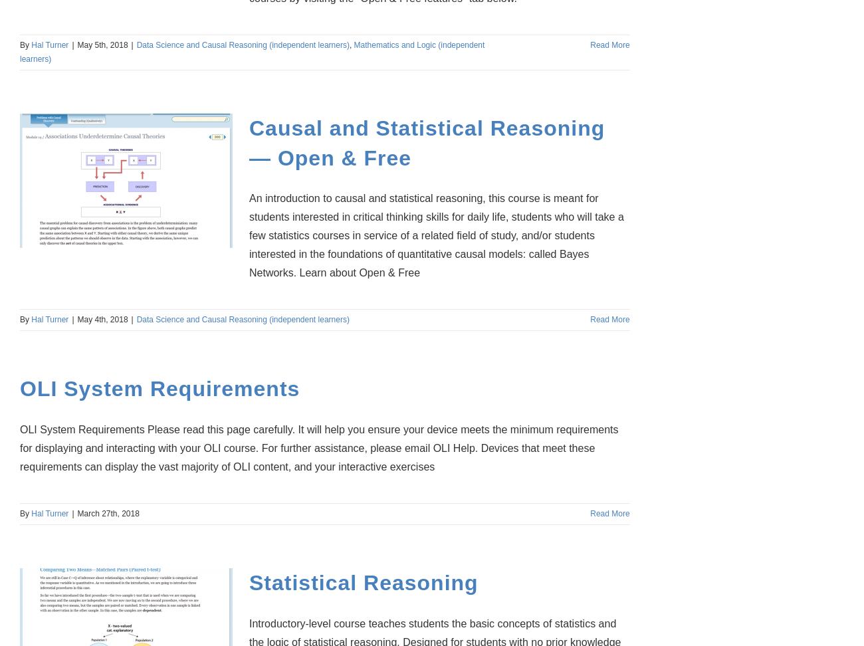 Image resolution: width=864 pixels, height=646 pixels. Describe the element at coordinates (363, 583) in the screenshot. I see `'Statistical Reasoning'` at that location.